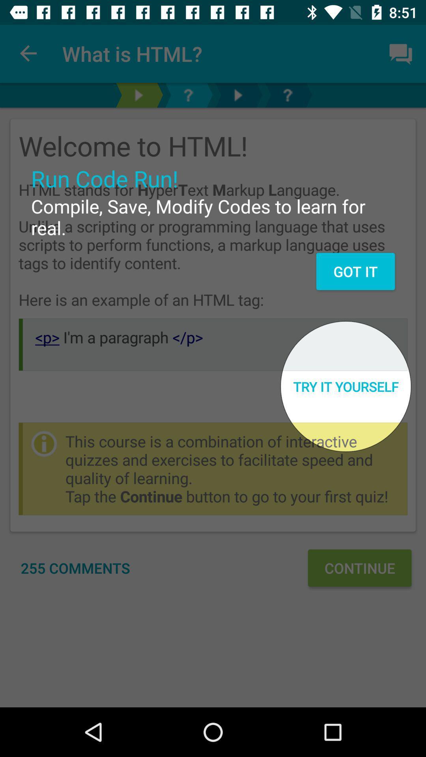 The width and height of the screenshot is (426, 757). Describe the element at coordinates (138, 95) in the screenshot. I see `go next` at that location.